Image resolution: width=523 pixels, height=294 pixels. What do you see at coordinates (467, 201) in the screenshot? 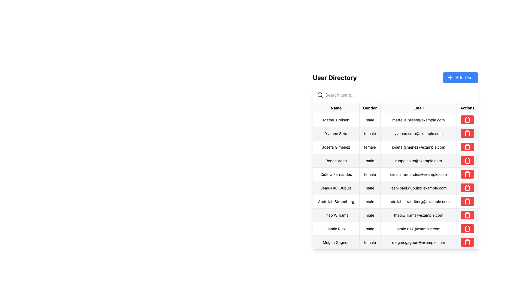
I see `the trash bin icon button in the Actions column of the user directory` at bounding box center [467, 201].